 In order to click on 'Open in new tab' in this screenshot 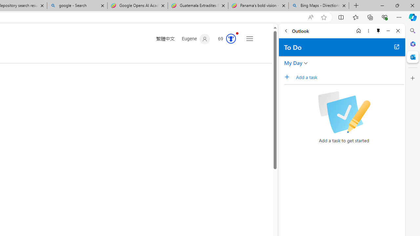, I will do `click(396, 46)`.